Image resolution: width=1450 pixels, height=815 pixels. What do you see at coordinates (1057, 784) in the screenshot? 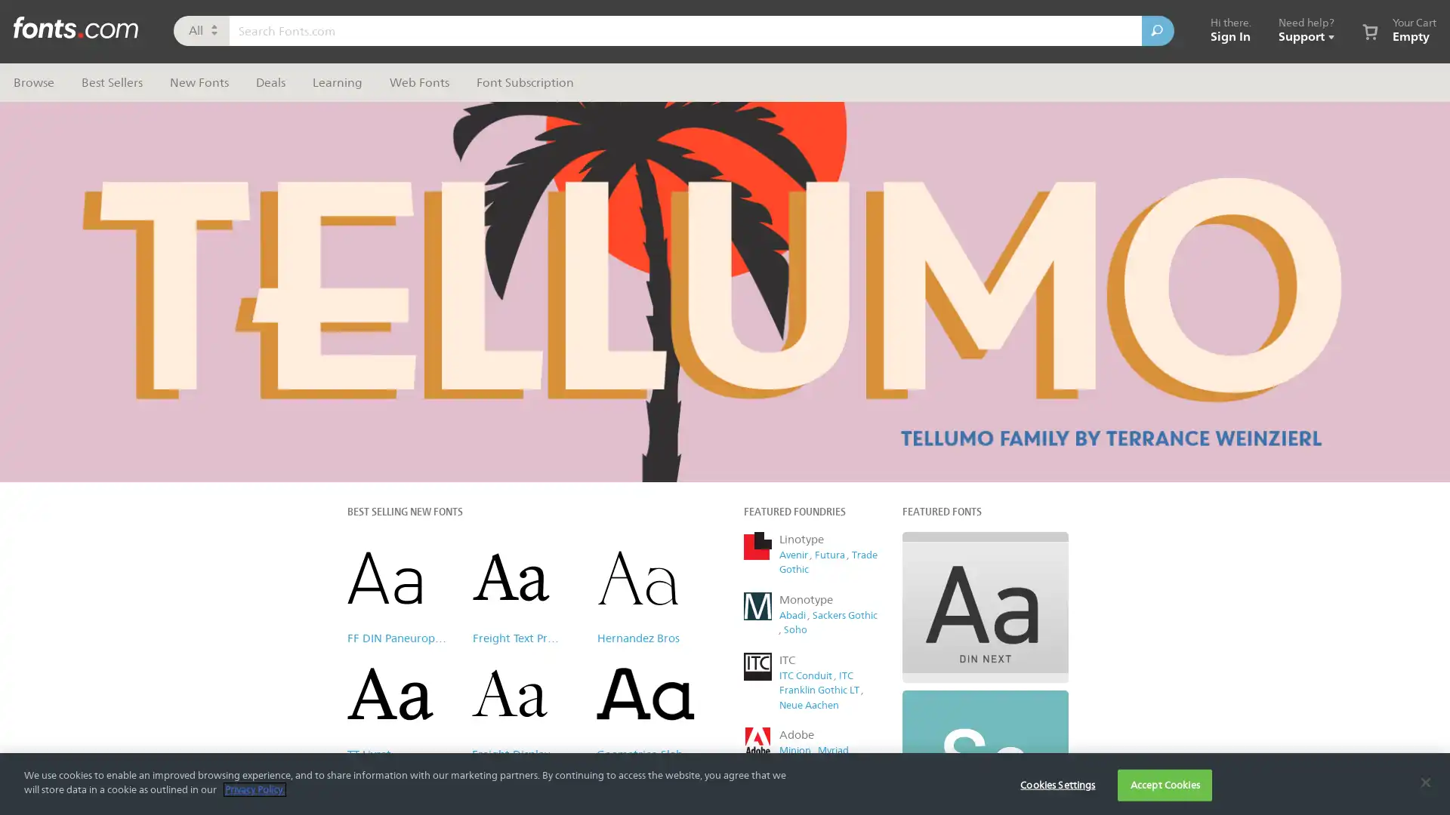
I see `Cookies Settings` at bounding box center [1057, 784].